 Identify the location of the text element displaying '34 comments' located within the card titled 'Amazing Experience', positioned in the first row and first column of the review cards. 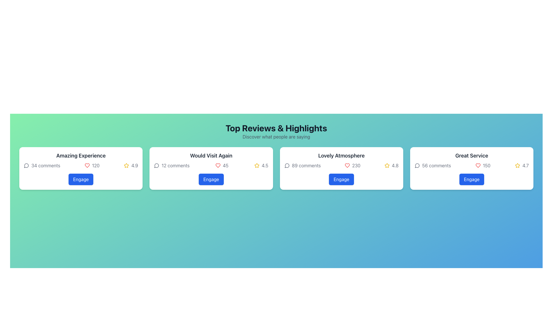
(46, 165).